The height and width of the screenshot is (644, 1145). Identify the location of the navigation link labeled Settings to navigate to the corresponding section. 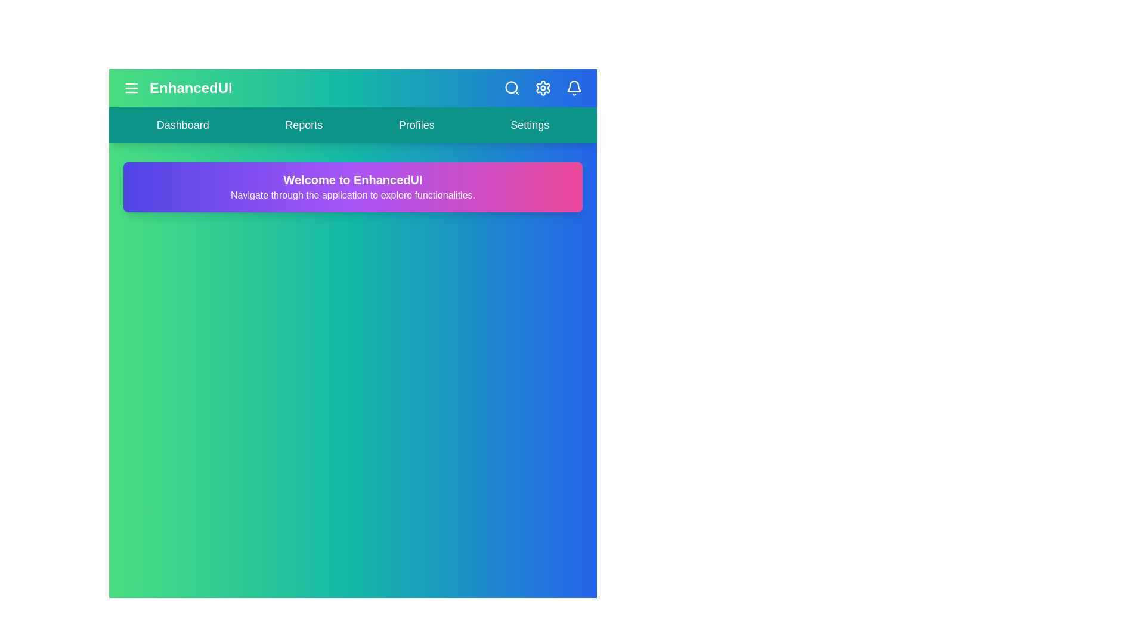
(529, 125).